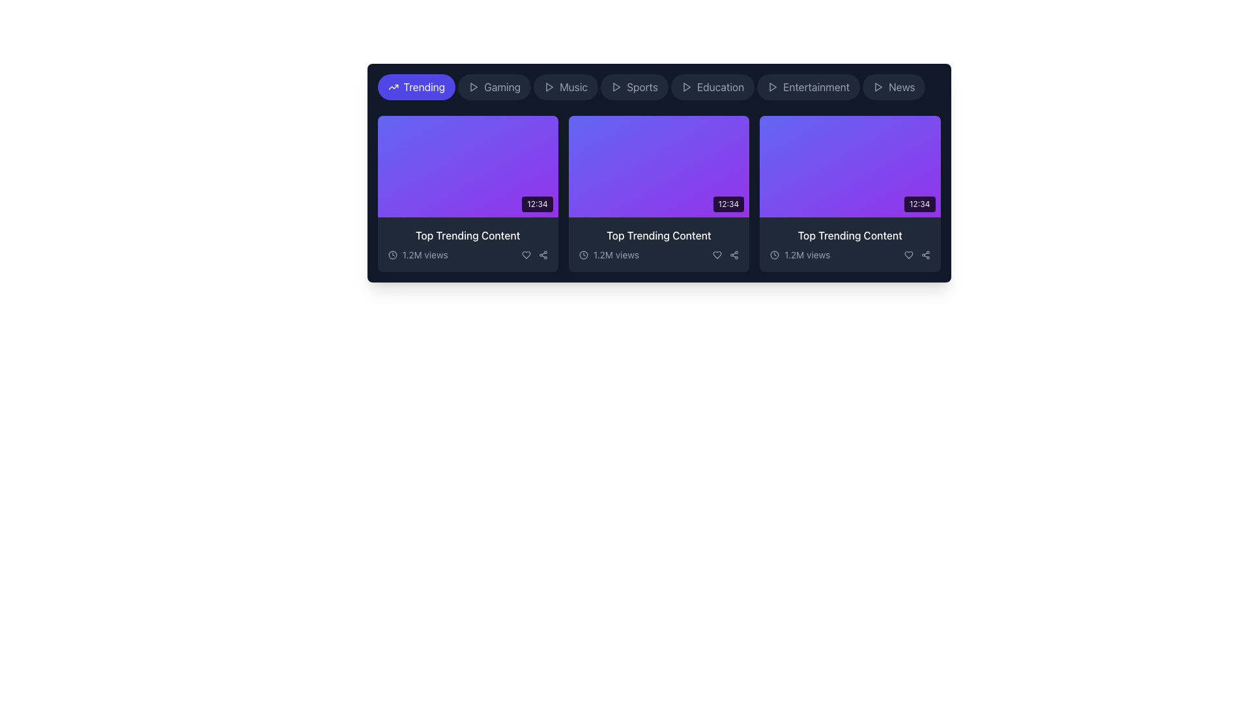  I want to click on the 'Music' text label in the navigation bar, so click(573, 87).